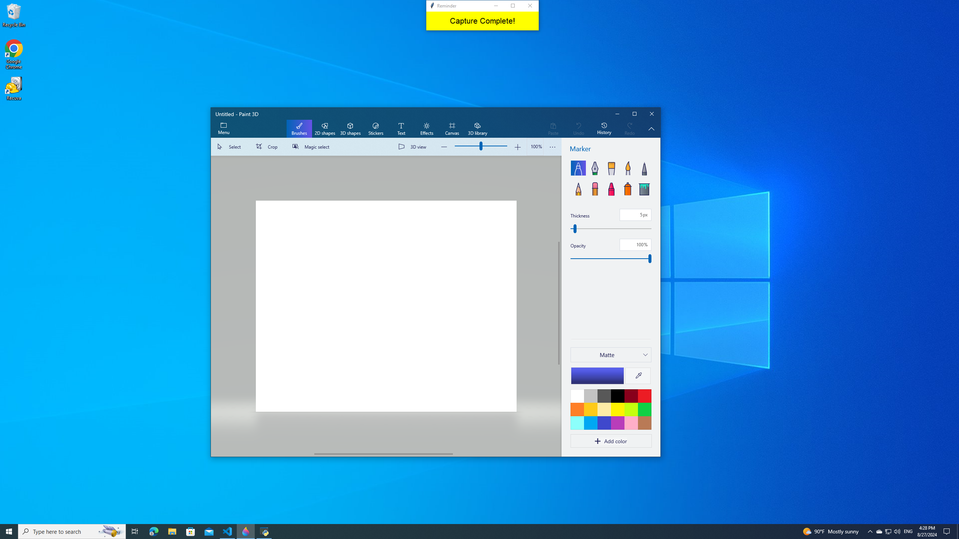 Image resolution: width=959 pixels, height=539 pixels. I want to click on 'Calligraphy pen', so click(594, 168).